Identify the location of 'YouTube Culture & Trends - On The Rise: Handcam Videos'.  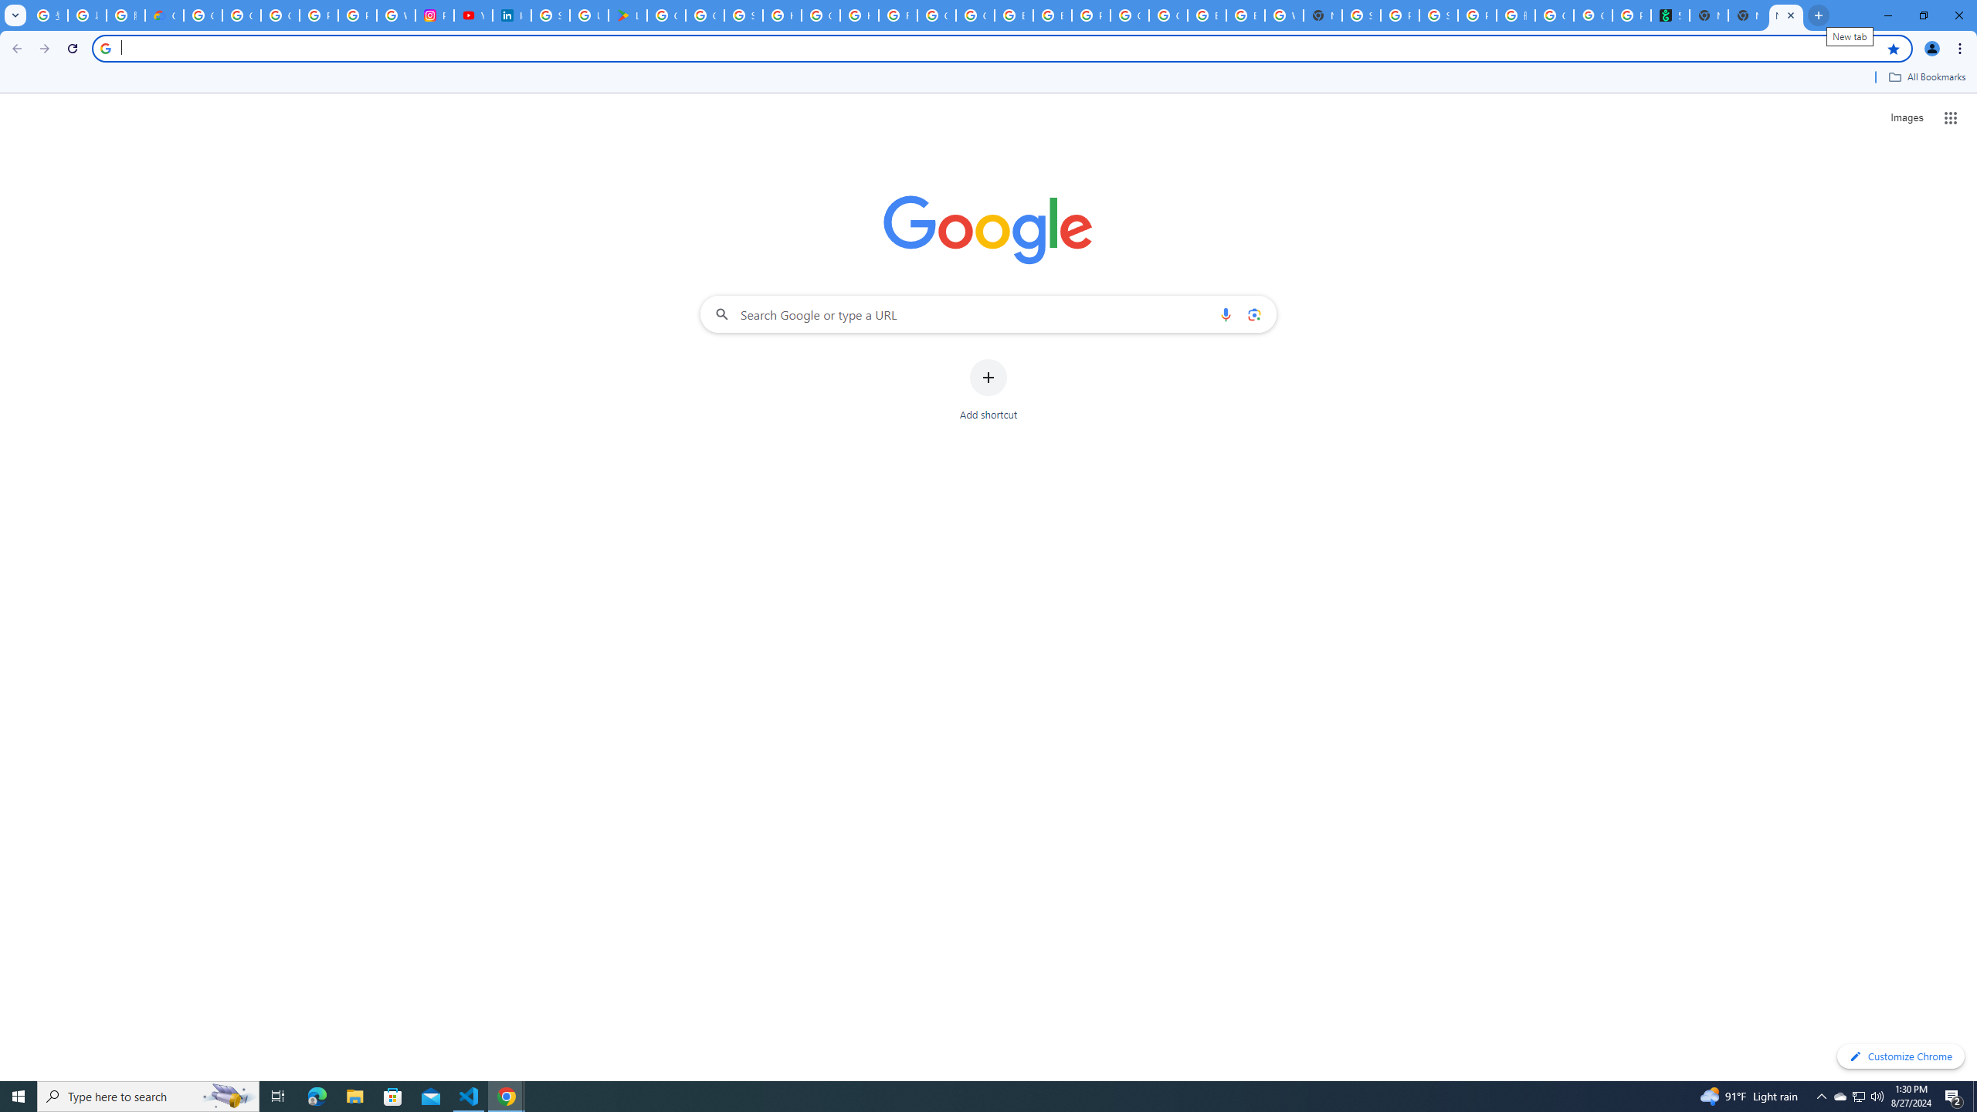
(473, 15).